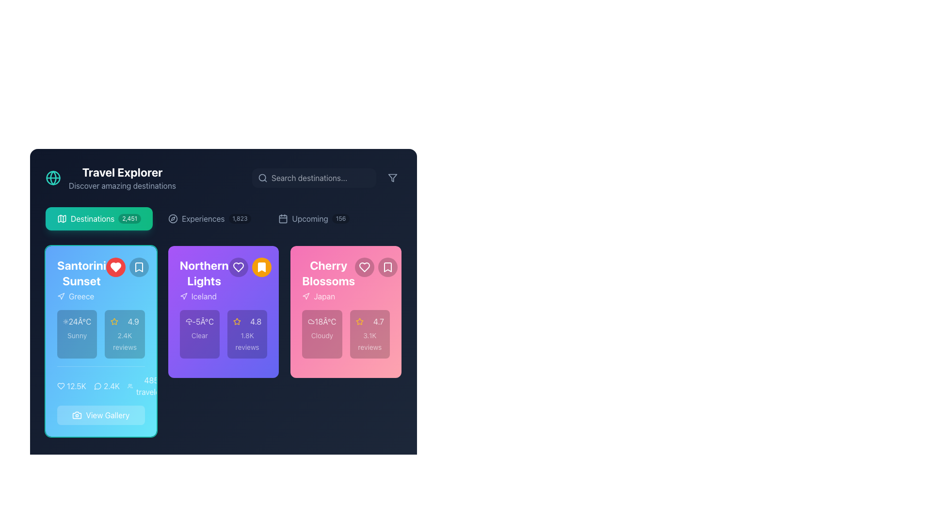  Describe the element at coordinates (261, 267) in the screenshot. I see `the bookmark icon located at the top-right corner of the 'Northern Lights' card in the purple section` at that location.